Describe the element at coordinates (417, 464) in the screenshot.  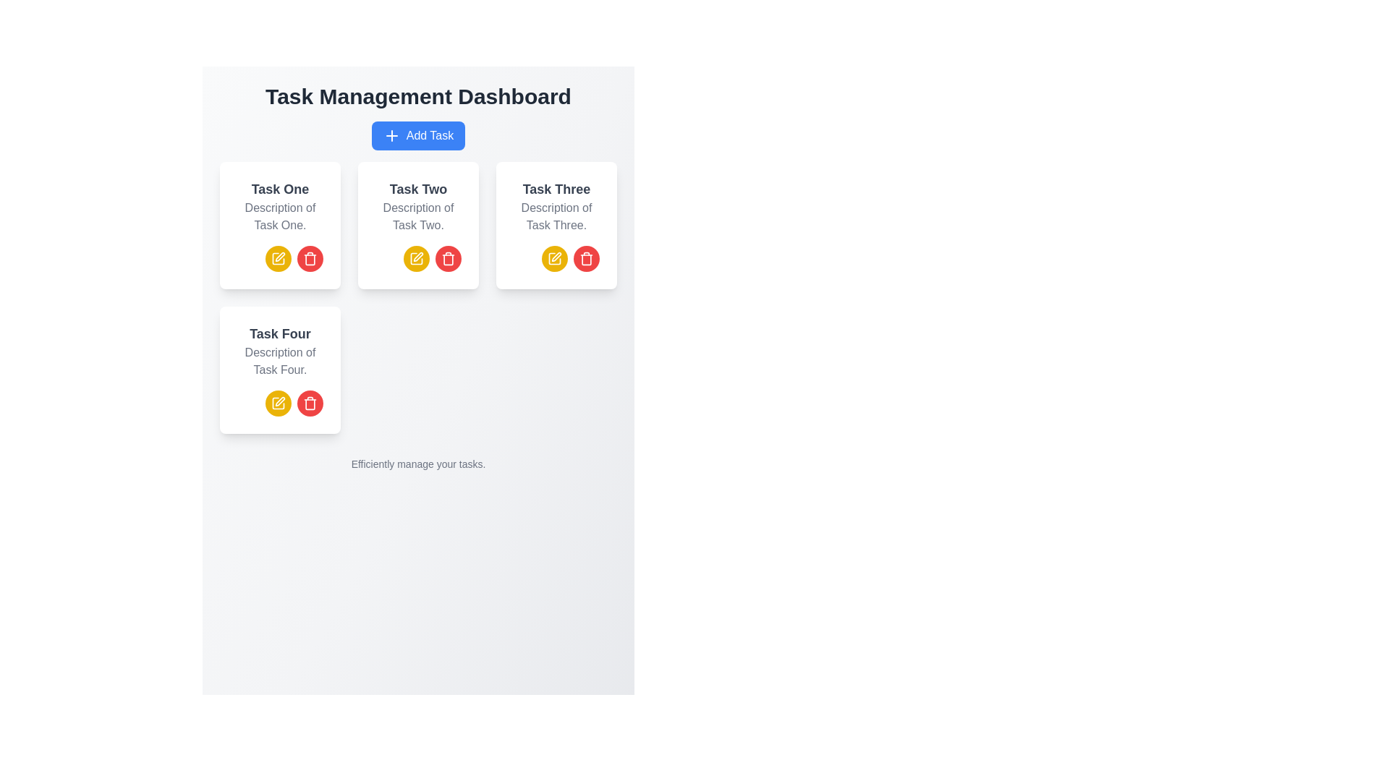
I see `the static text display that says 'Efficiently manage your tasks.' which is positioned centrally at the bottom of the interface beneath the task cards and the 'Add Task' button` at that location.